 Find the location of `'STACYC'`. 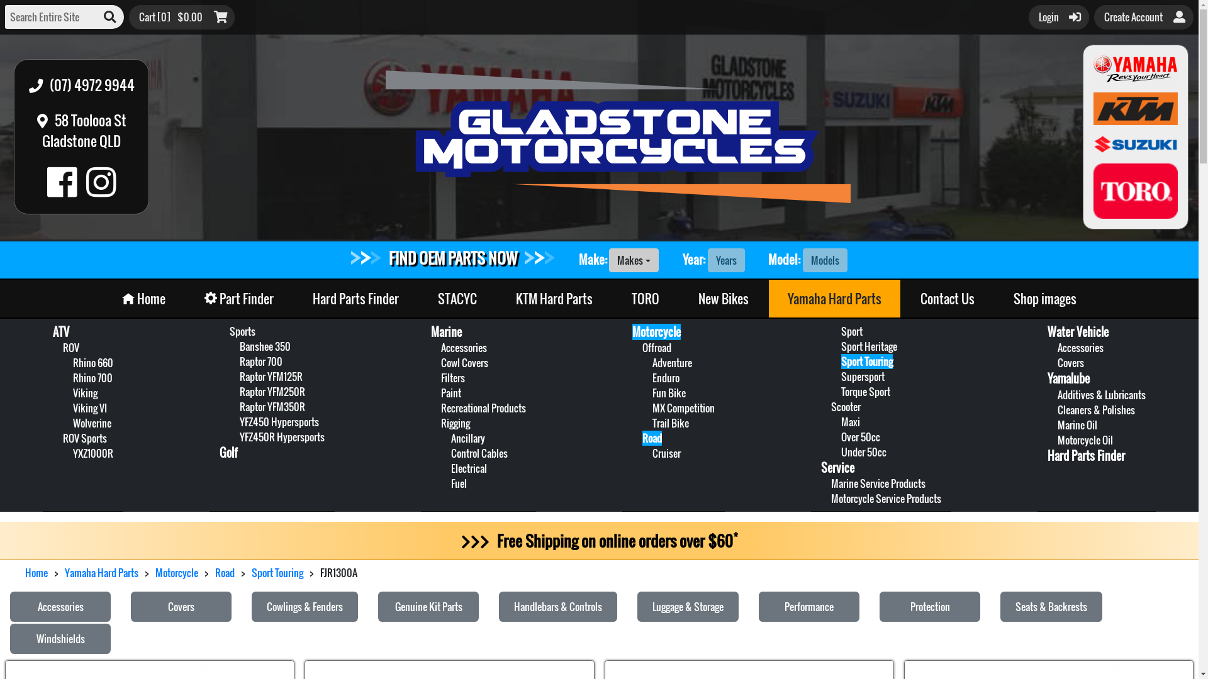

'STACYC' is located at coordinates (456, 298).